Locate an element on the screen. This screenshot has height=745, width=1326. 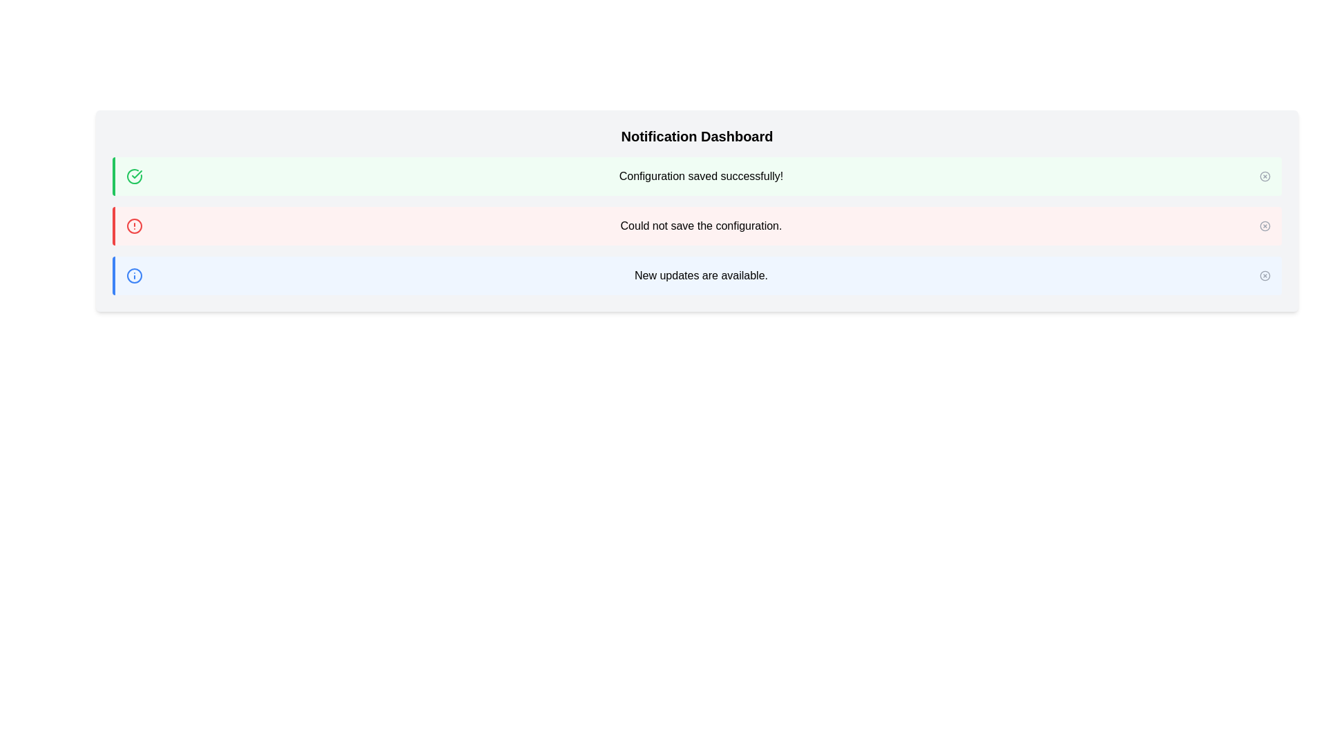
text message 'Configuration saved successfully!' displayed in green color within the green-highlighted notification area is located at coordinates (701, 175).